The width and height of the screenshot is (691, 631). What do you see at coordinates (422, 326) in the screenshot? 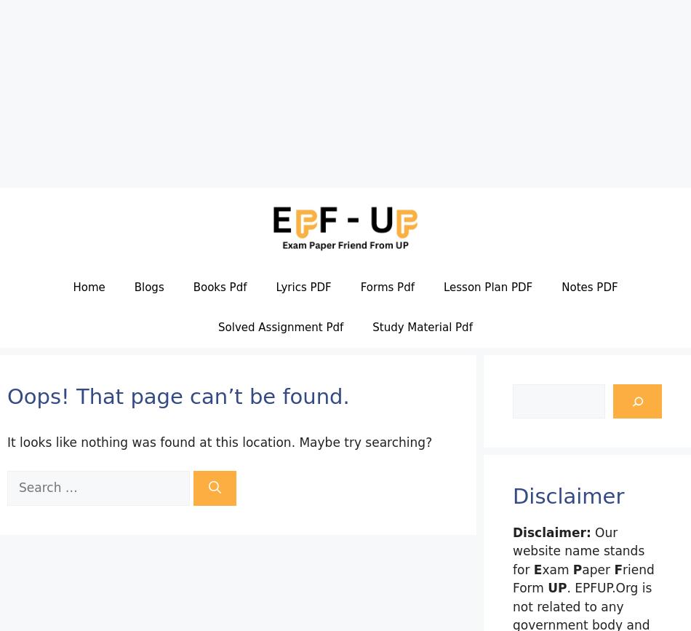
I see `'Study Material Pdf'` at bounding box center [422, 326].